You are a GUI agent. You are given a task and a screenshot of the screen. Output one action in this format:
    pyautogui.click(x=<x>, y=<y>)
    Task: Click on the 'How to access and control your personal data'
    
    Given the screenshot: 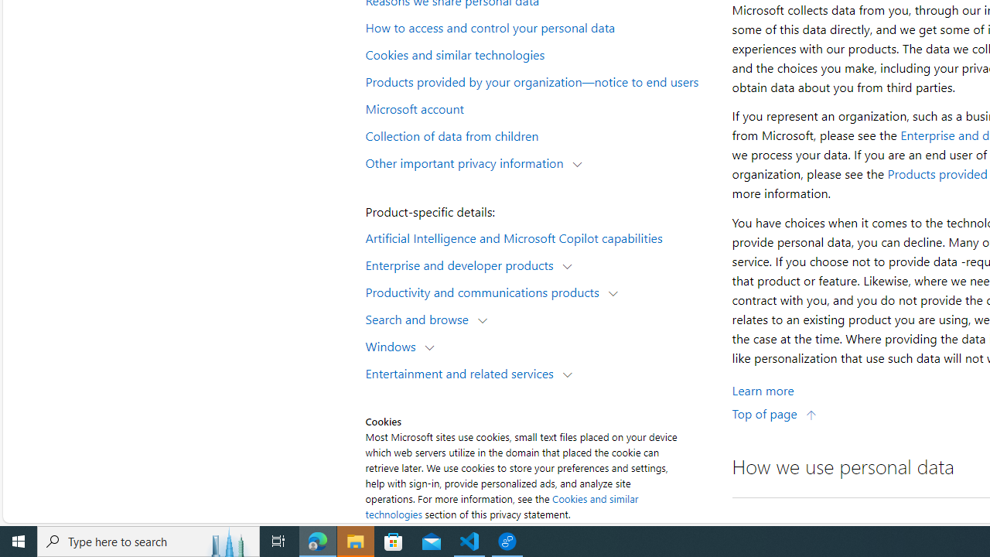 What is the action you would take?
    pyautogui.click(x=538, y=27)
    